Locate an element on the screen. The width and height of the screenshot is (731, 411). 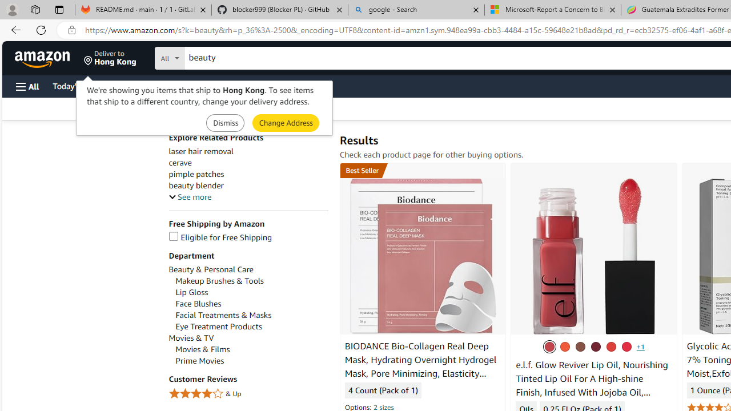
'Movies & TV' is located at coordinates (191, 337).